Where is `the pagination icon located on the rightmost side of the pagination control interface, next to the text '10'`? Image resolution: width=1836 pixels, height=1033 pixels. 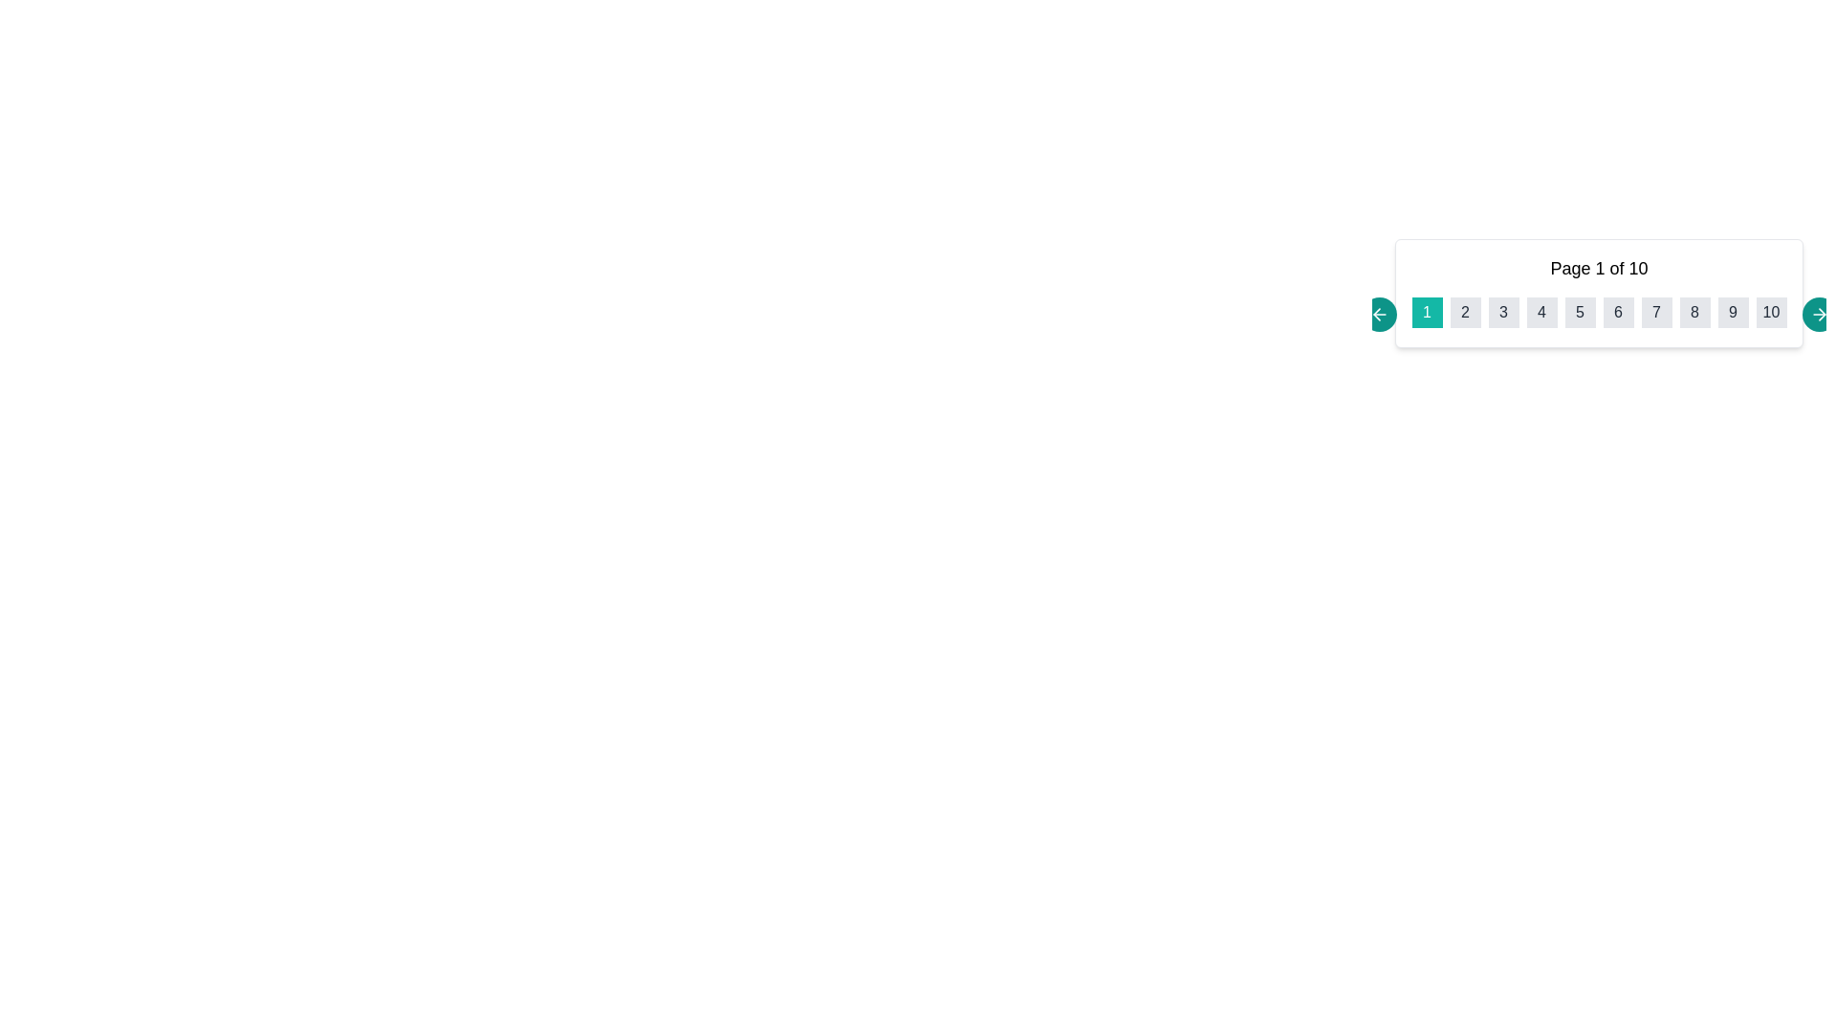
the pagination icon located on the rightmost side of the pagination control interface, next to the text '10' is located at coordinates (1821, 313).